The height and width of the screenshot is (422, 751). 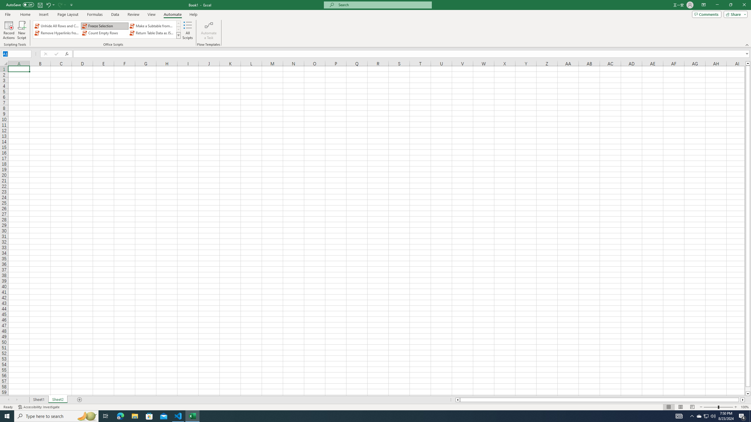 What do you see at coordinates (178, 35) in the screenshot?
I see `'Office Scripts'` at bounding box center [178, 35].